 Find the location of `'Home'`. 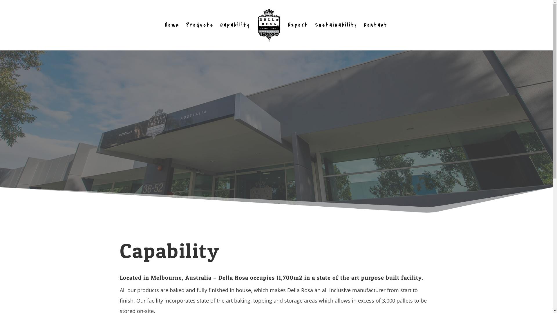

'Home' is located at coordinates (165, 25).